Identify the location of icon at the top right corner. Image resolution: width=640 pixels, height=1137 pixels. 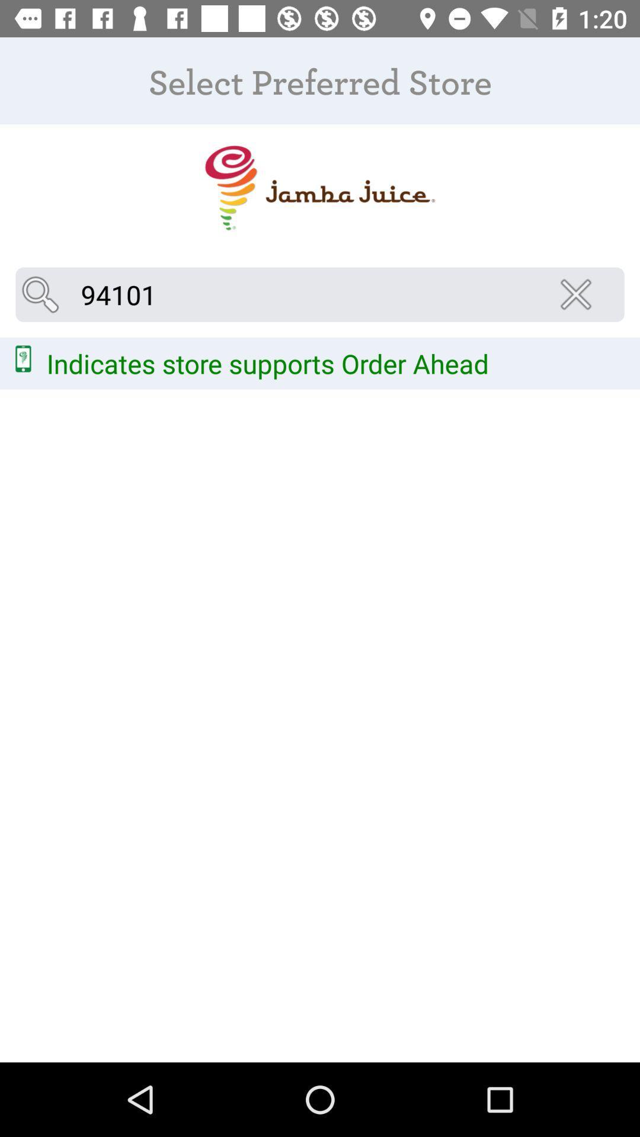
(579, 294).